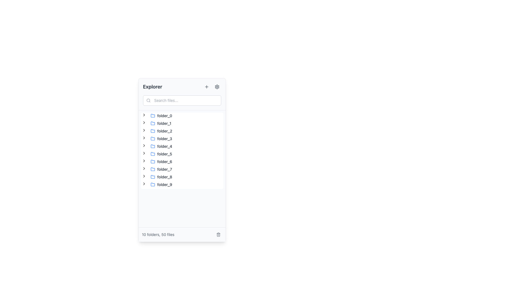  What do you see at coordinates (153, 161) in the screenshot?
I see `the small blue folder icon with a stylized rounded shape and notch on its top edge, located to the left of the text 'folder_6'` at bounding box center [153, 161].